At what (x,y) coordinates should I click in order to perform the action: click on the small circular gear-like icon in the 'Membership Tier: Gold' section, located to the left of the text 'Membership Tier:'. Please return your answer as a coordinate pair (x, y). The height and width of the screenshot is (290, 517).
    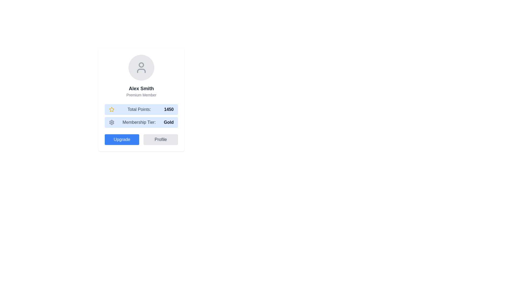
    Looking at the image, I should click on (111, 122).